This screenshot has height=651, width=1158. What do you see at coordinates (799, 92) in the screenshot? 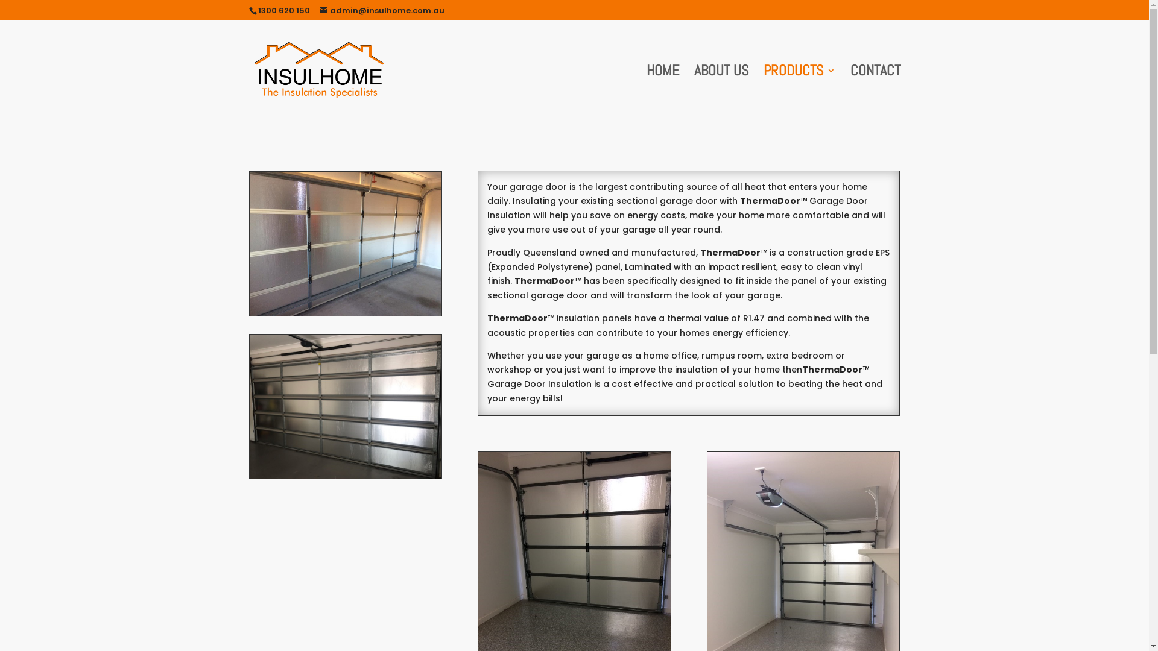
I see `'PRODUCTS'` at bounding box center [799, 92].